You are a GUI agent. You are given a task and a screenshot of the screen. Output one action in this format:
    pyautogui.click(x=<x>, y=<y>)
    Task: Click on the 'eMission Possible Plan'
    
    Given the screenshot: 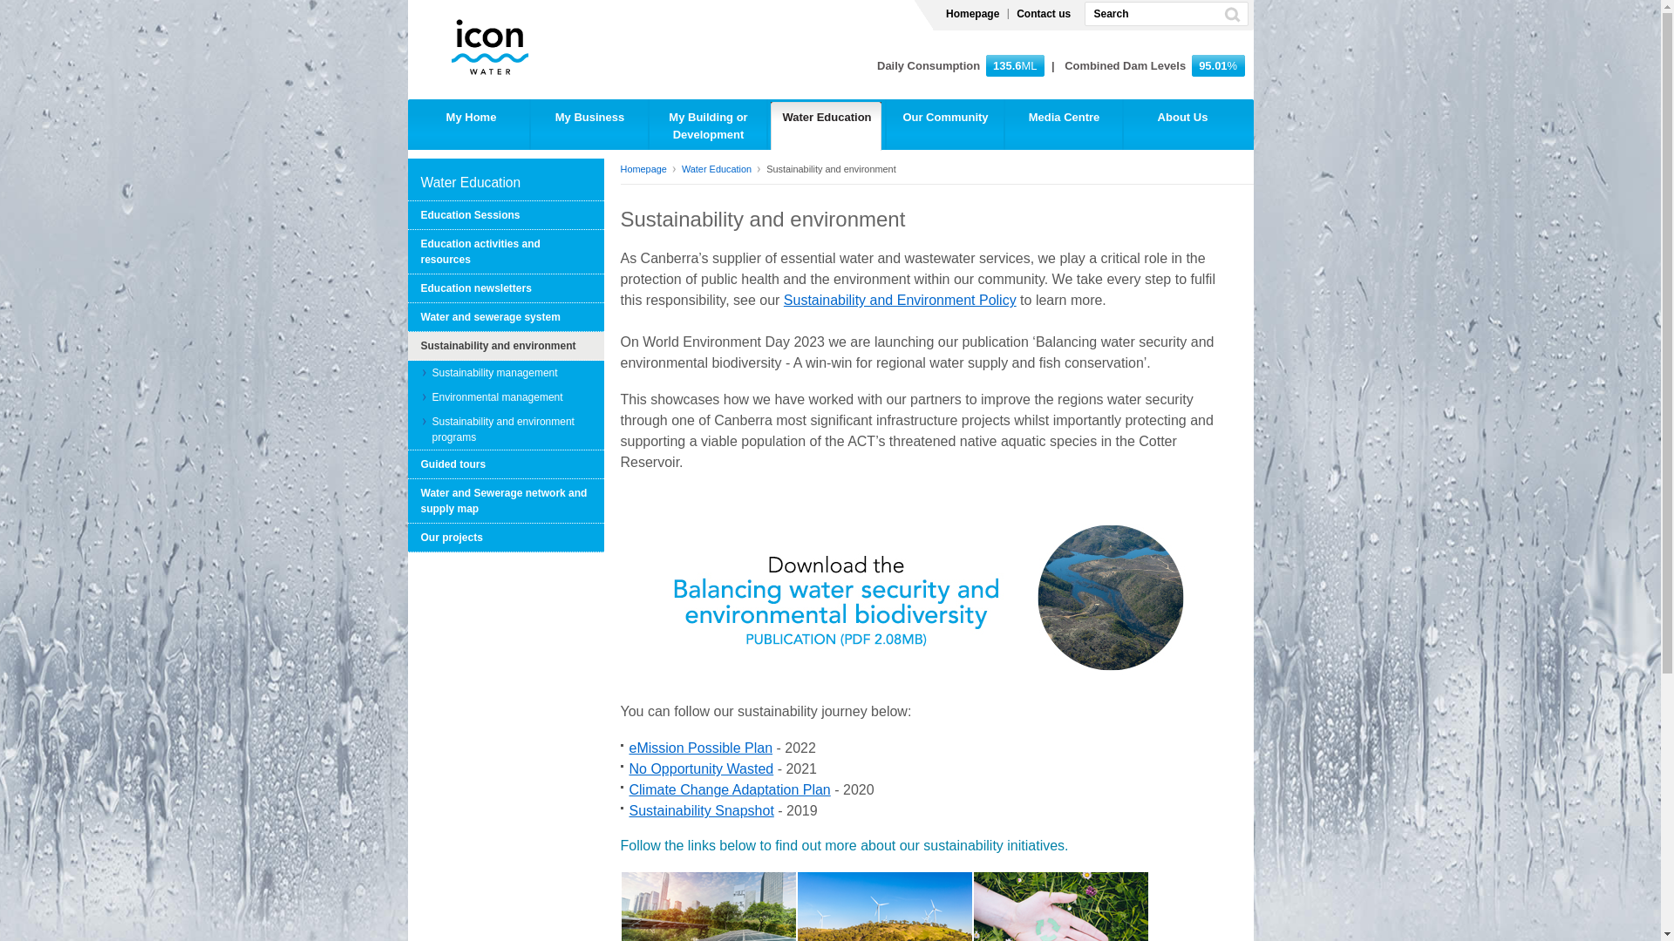 What is the action you would take?
    pyautogui.click(x=701, y=747)
    